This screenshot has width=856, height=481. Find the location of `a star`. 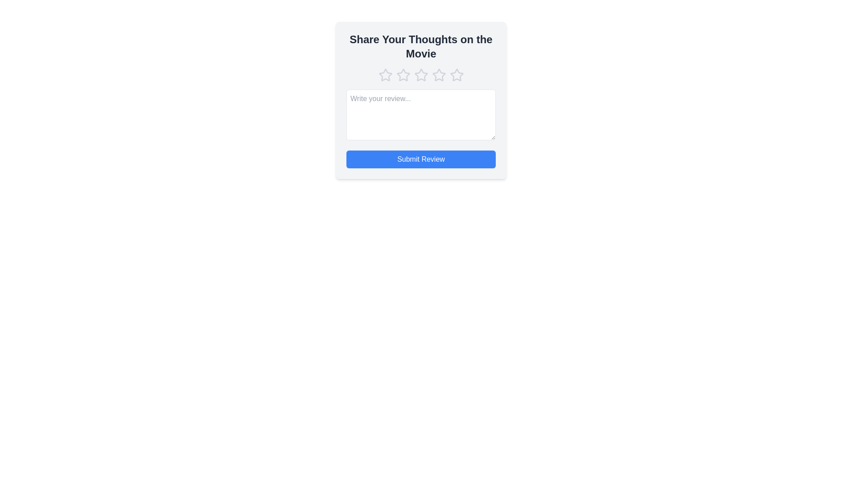

a star is located at coordinates (420, 75).